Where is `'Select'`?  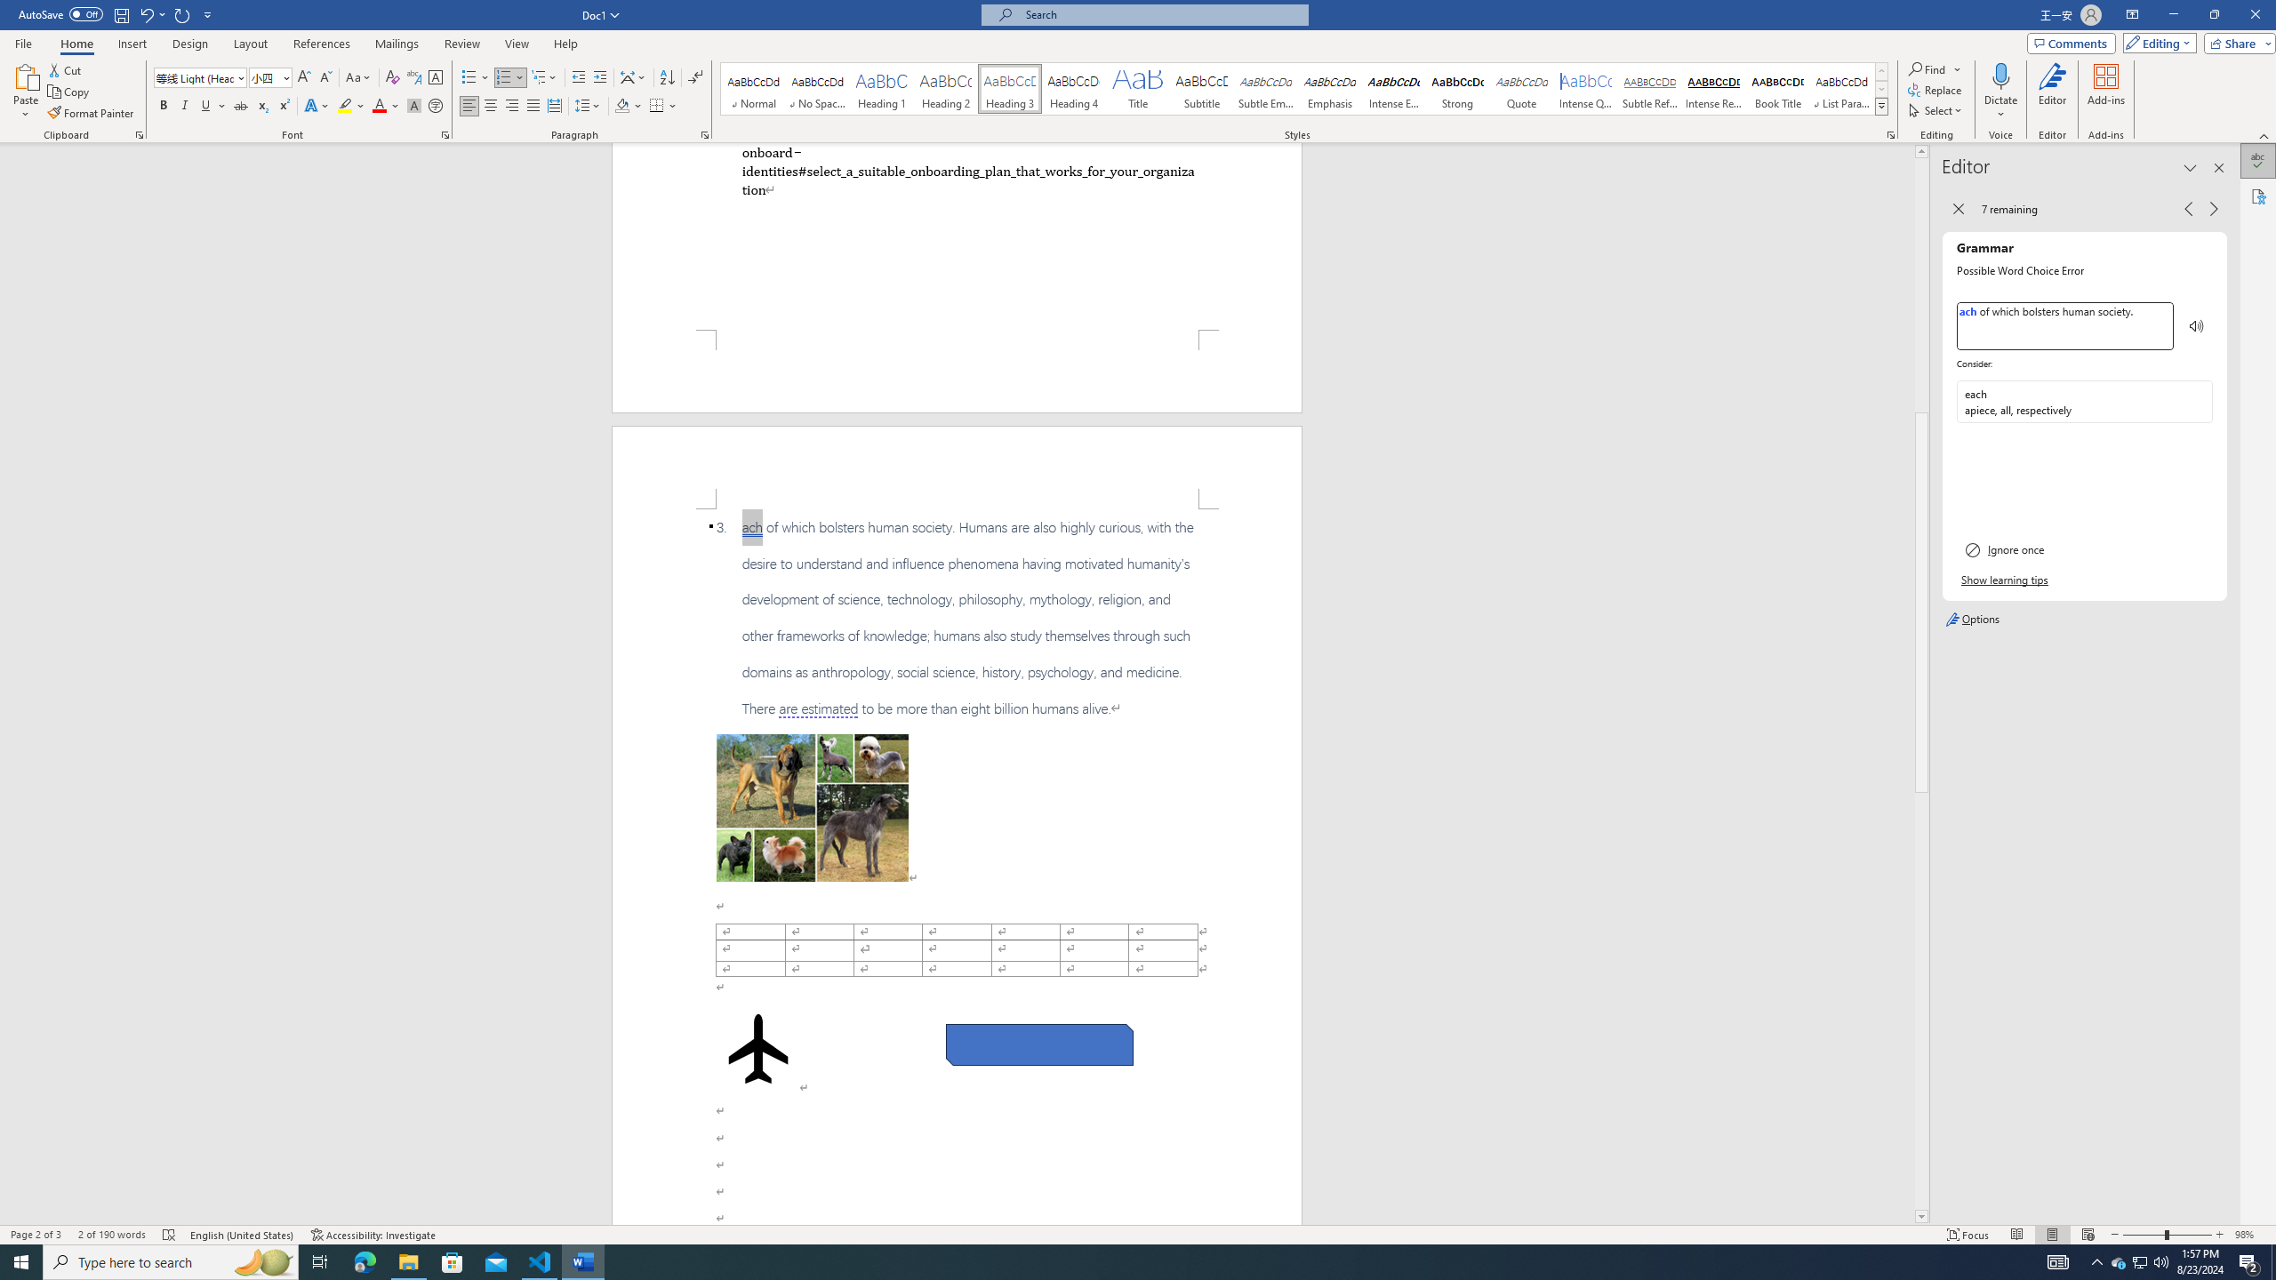 'Select' is located at coordinates (1935, 108).